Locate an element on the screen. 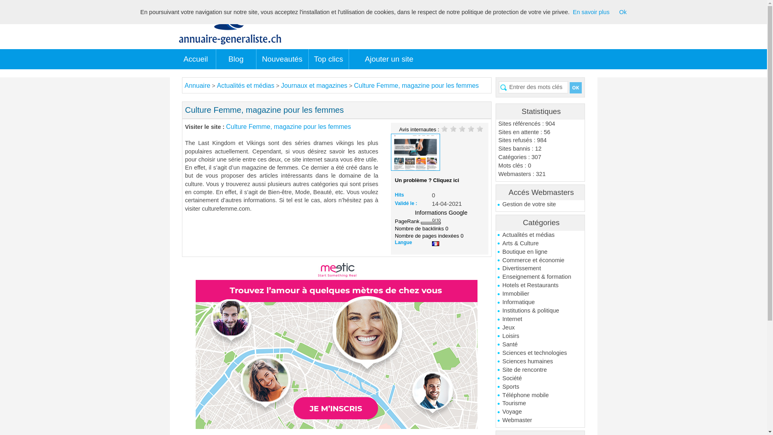 Image resolution: width=773 pixels, height=435 pixels. 'Informatique' is located at coordinates (540, 302).